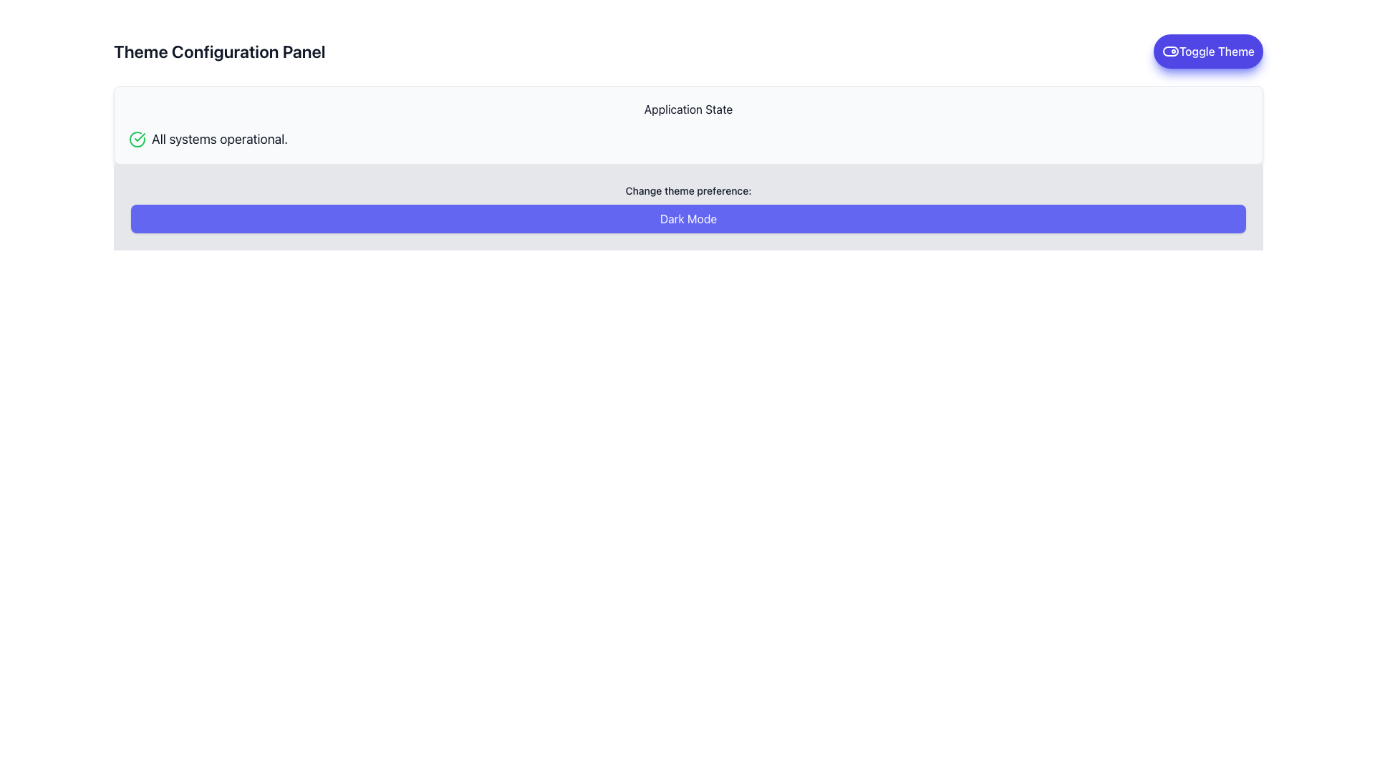  What do you see at coordinates (1207, 51) in the screenshot?
I see `the 'Toggle Theme' button located in the top-right corner of the interface` at bounding box center [1207, 51].